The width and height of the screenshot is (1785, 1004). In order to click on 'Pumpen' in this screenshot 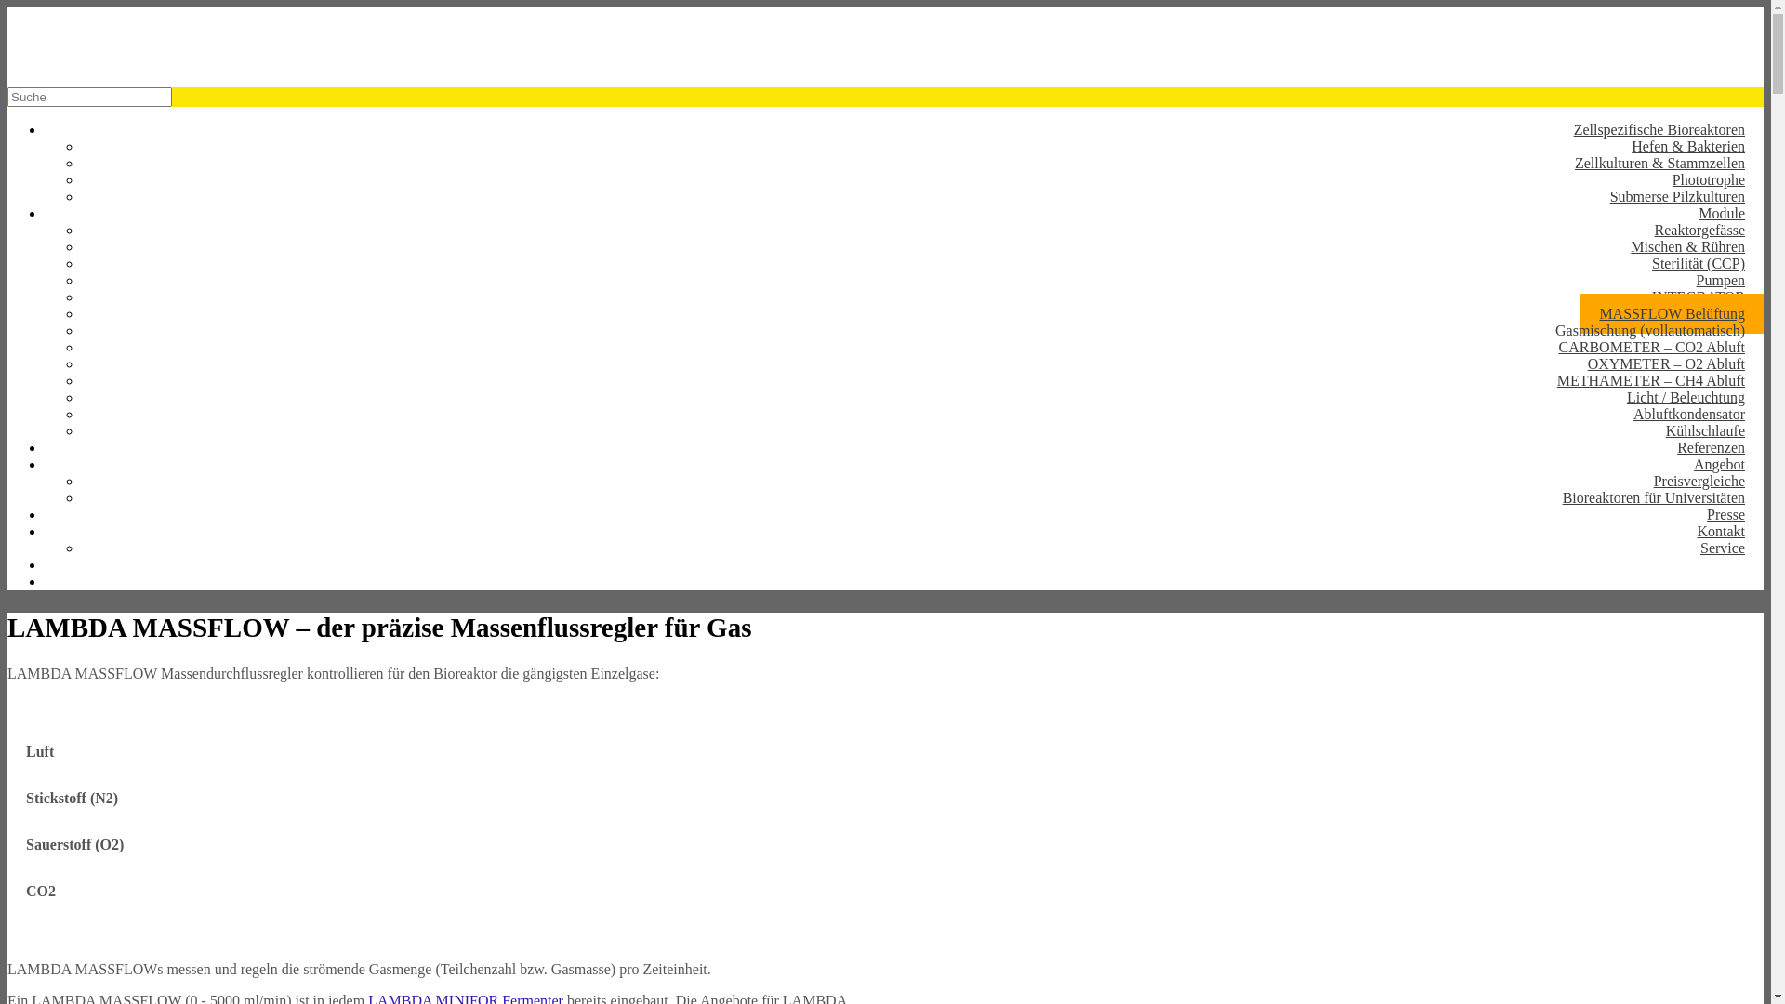, I will do `click(1720, 280)`.